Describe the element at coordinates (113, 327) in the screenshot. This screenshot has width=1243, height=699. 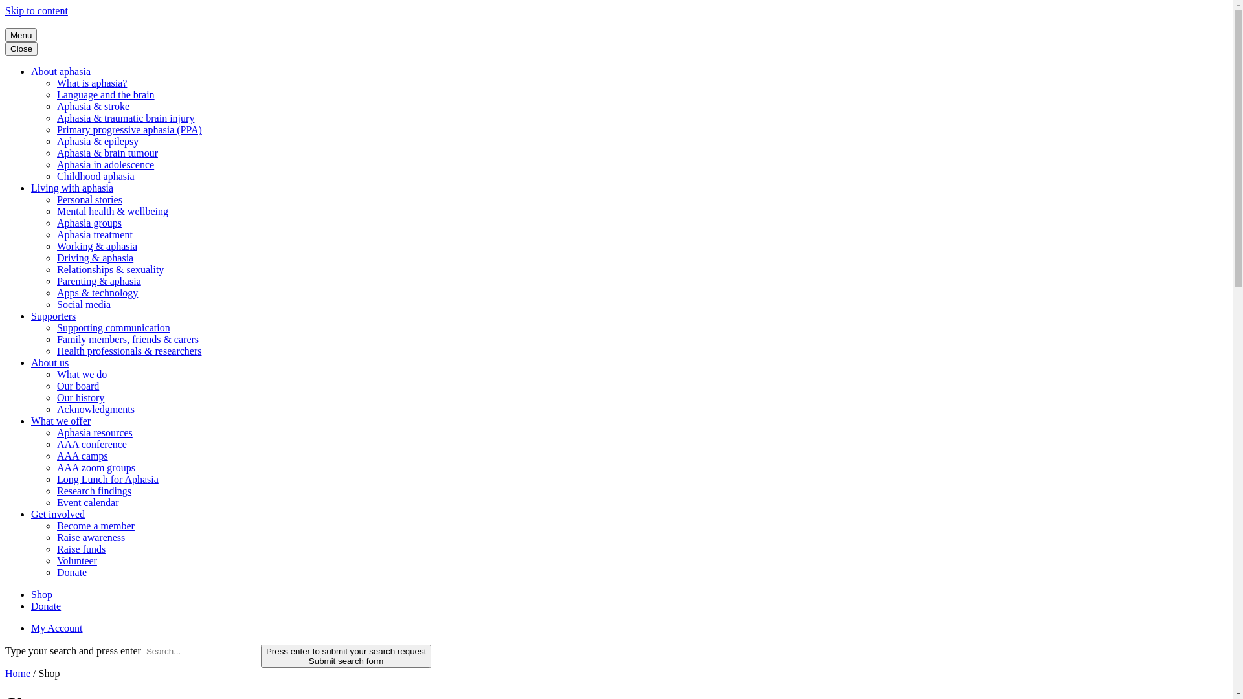
I see `'Supporting communication'` at that location.